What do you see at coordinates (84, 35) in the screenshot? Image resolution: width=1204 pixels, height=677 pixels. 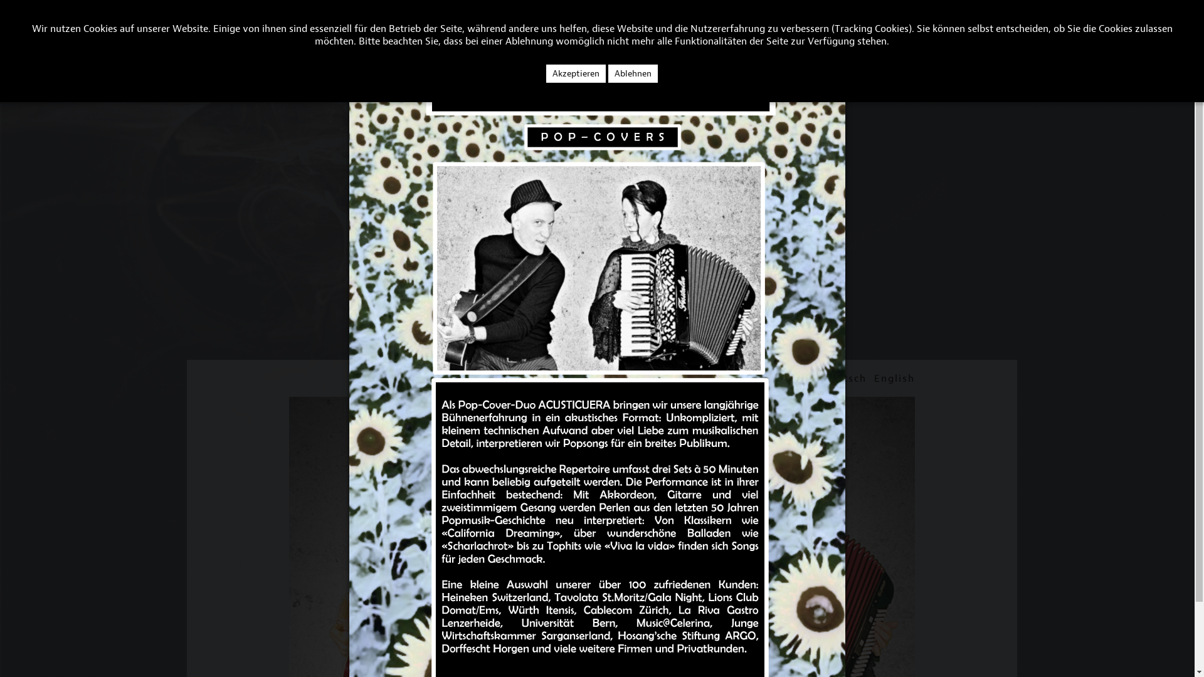 I see `'LOOK & LISTEN'` at bounding box center [84, 35].